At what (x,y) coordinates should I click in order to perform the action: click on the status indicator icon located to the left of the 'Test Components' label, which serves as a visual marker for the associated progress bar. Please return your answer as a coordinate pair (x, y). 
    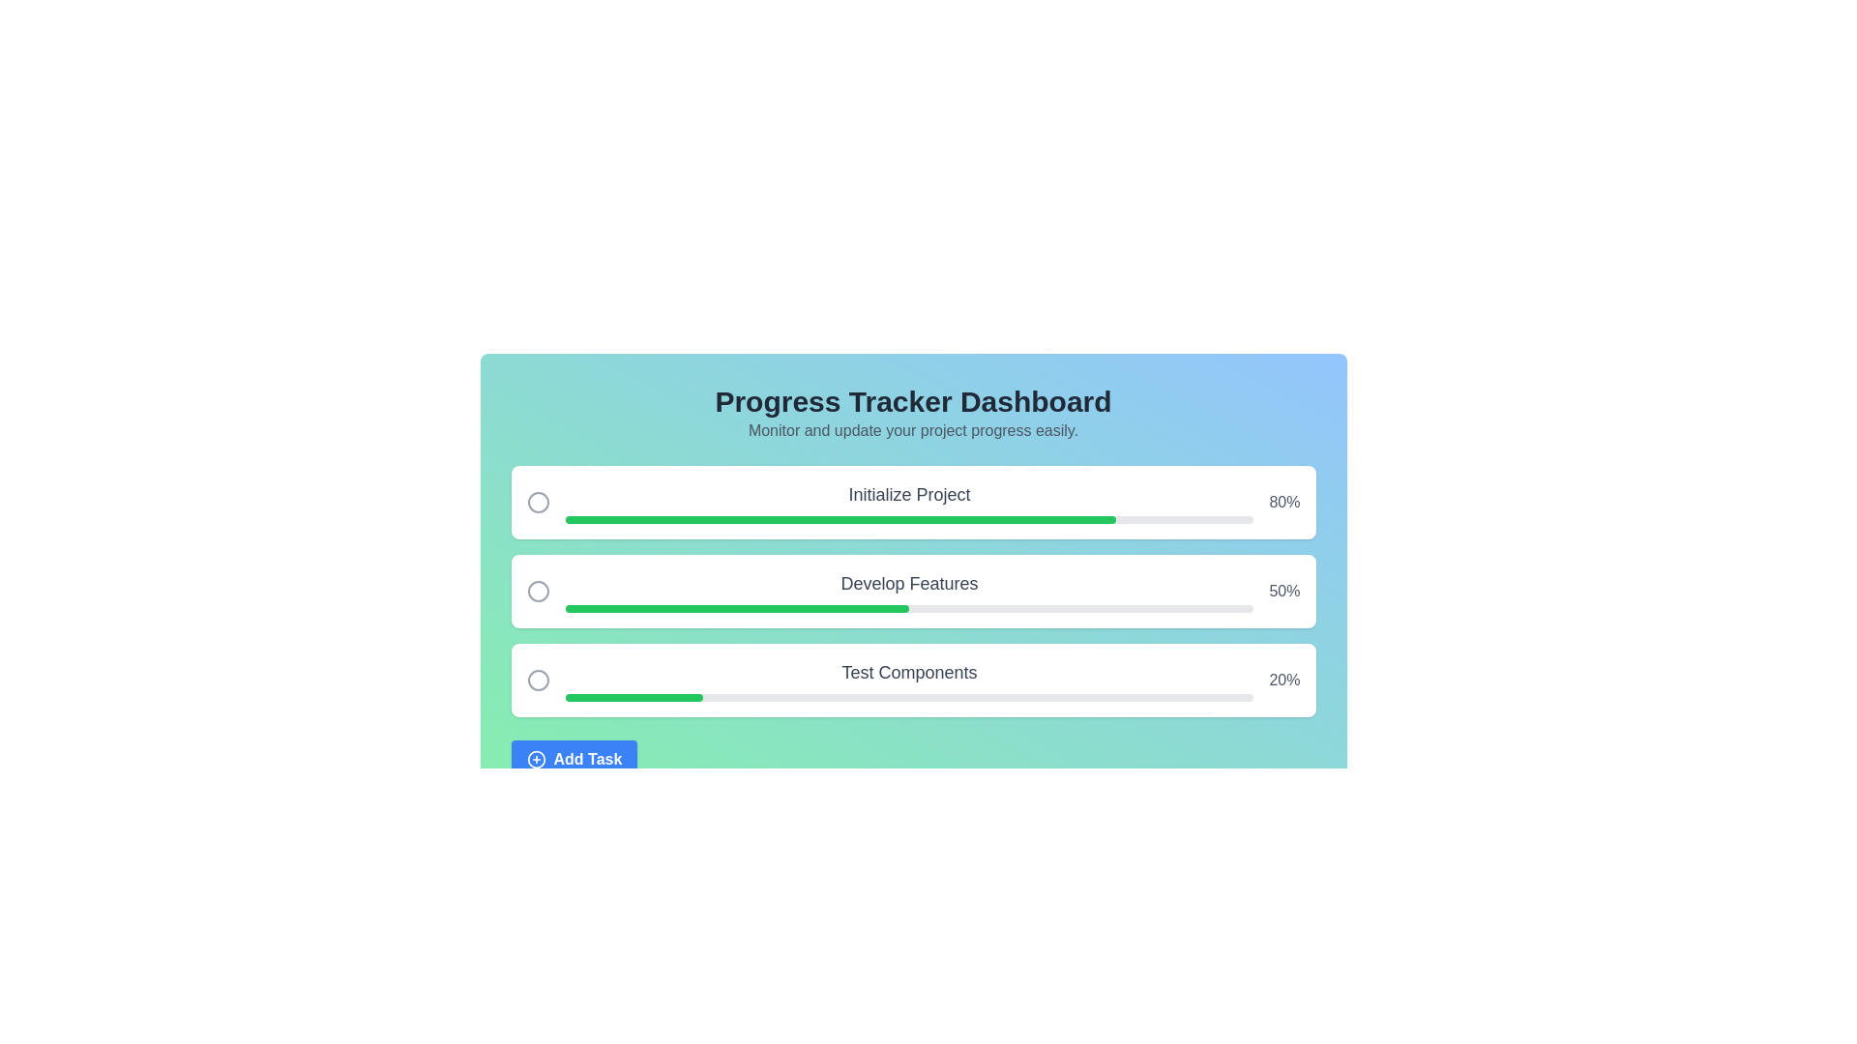
    Looking at the image, I should click on (538, 680).